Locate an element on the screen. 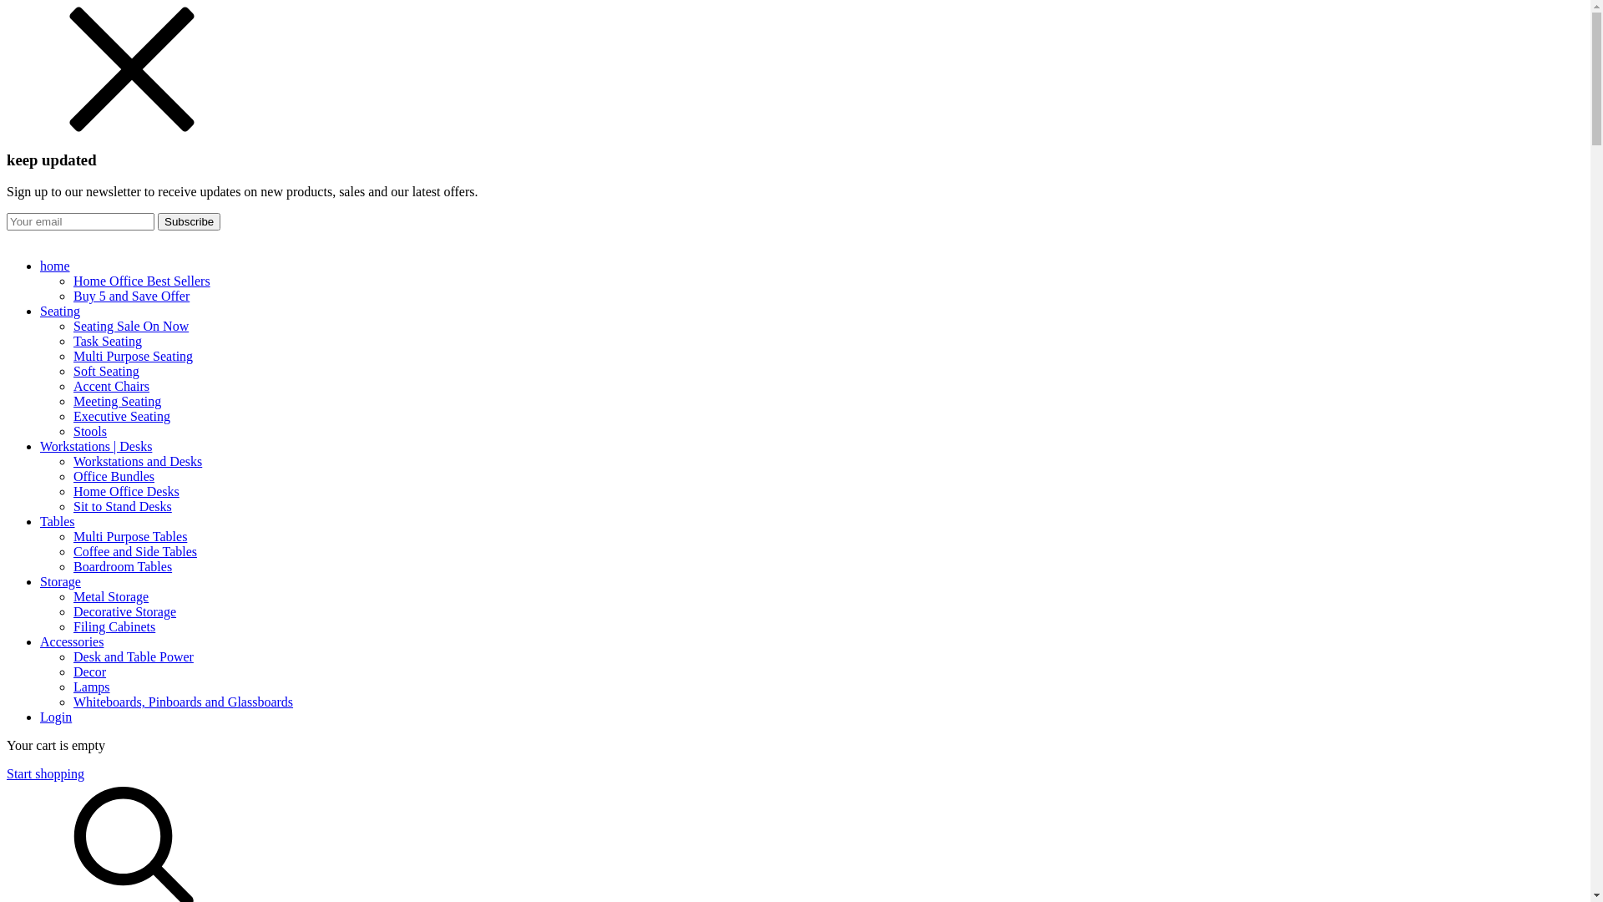  'Accent Chairs' is located at coordinates (110, 386).